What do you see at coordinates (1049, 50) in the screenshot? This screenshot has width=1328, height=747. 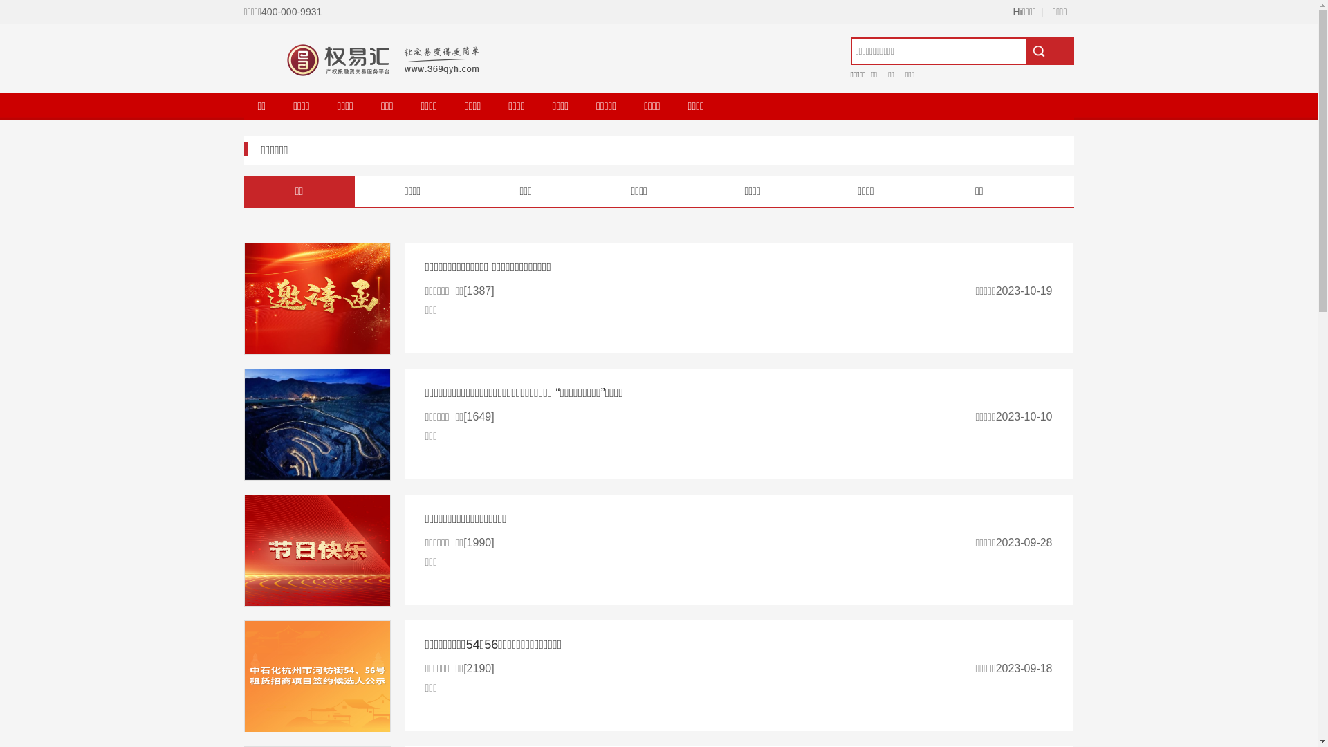 I see `' '` at bounding box center [1049, 50].